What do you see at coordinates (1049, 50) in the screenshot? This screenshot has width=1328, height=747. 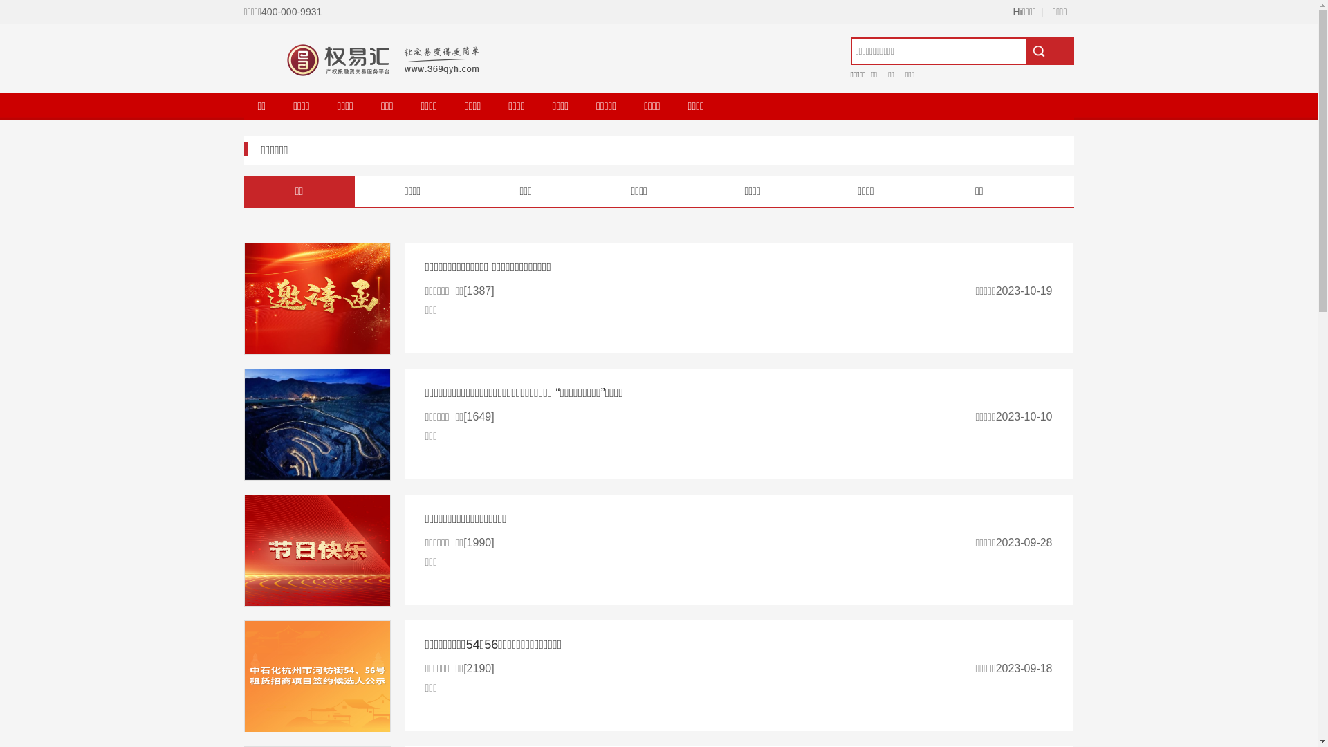 I see `' '` at bounding box center [1049, 50].